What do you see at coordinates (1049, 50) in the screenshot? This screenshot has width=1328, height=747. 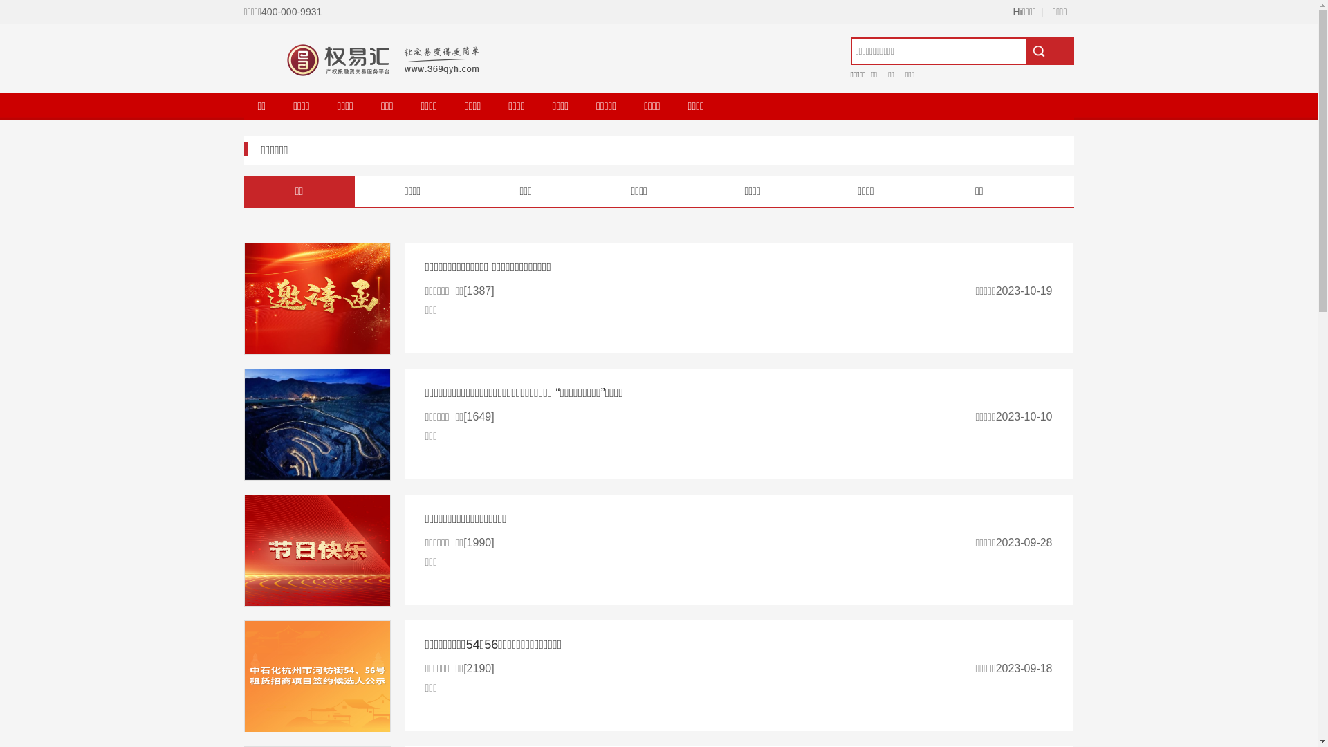 I see `' '` at bounding box center [1049, 50].